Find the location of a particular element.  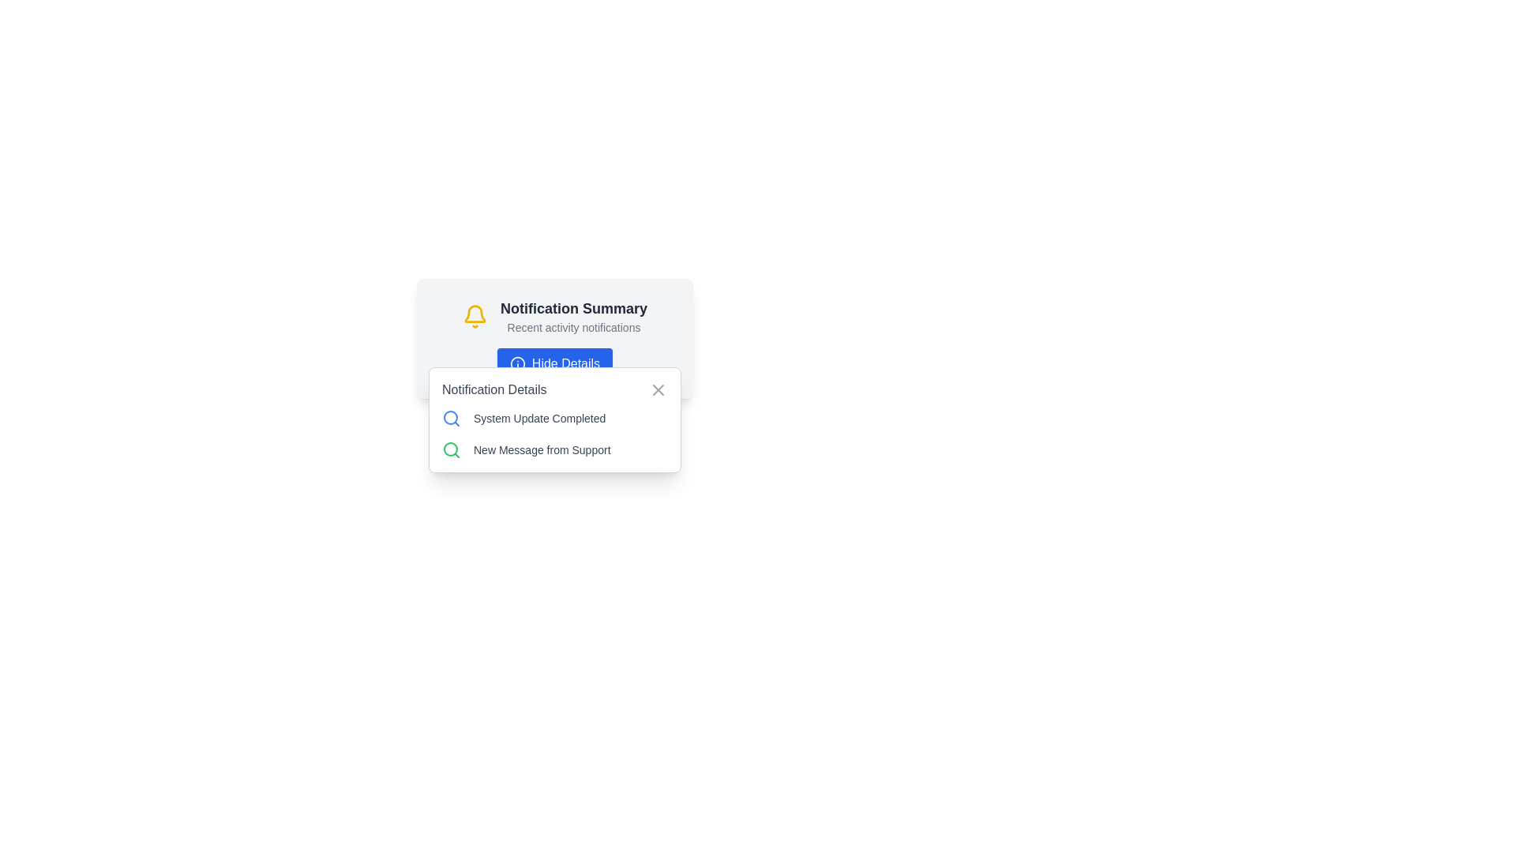

the icon that serves as a button or status indicator located to the left of the text label 'New Message from Support' in the 'Notification Details' section is located at coordinates (450, 450).